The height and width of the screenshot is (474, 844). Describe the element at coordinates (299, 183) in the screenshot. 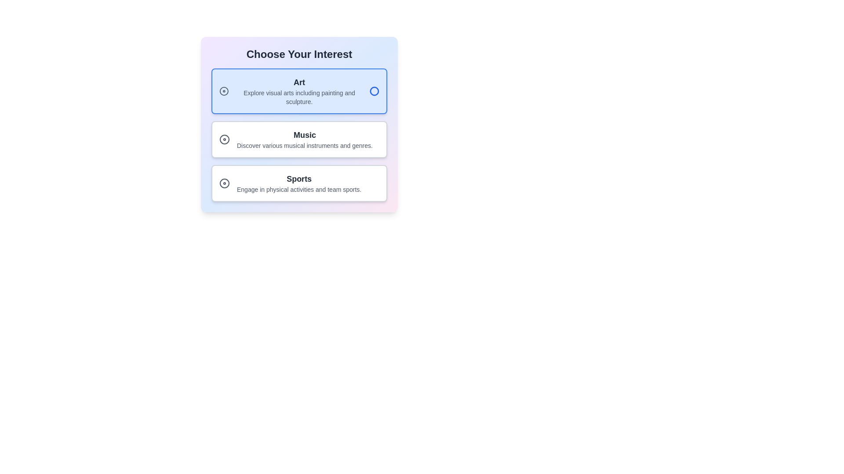

I see `the 'Sports' text block which displays the title 'Sports' in bold and the subtitle 'Engage in physical activities and team sports.'` at that location.